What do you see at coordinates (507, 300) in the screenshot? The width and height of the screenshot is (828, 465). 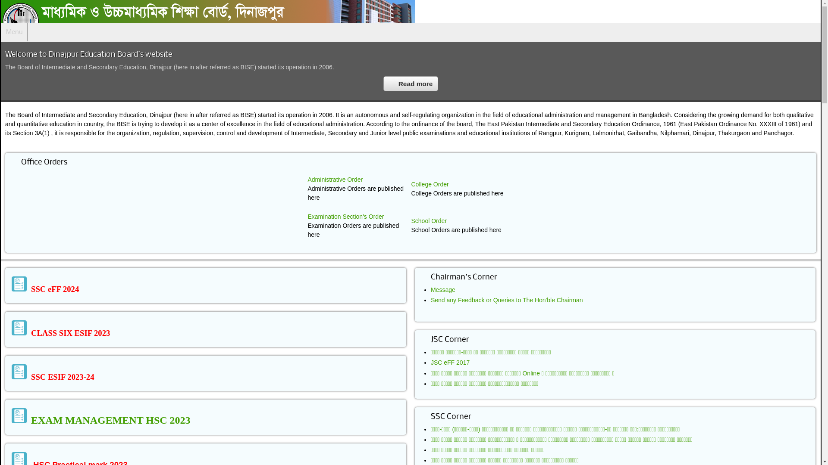 I see `'Send any Feedback or Queries to The Hon'ble Chairman'` at bounding box center [507, 300].